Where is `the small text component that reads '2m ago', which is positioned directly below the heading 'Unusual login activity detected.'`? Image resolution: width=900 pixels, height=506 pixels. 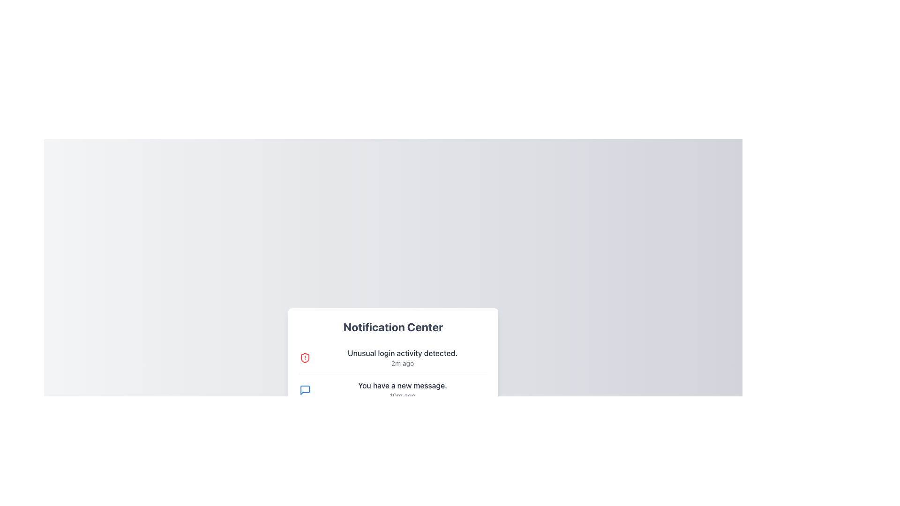 the small text component that reads '2m ago', which is positioned directly below the heading 'Unusual login activity detected.' is located at coordinates (403, 363).